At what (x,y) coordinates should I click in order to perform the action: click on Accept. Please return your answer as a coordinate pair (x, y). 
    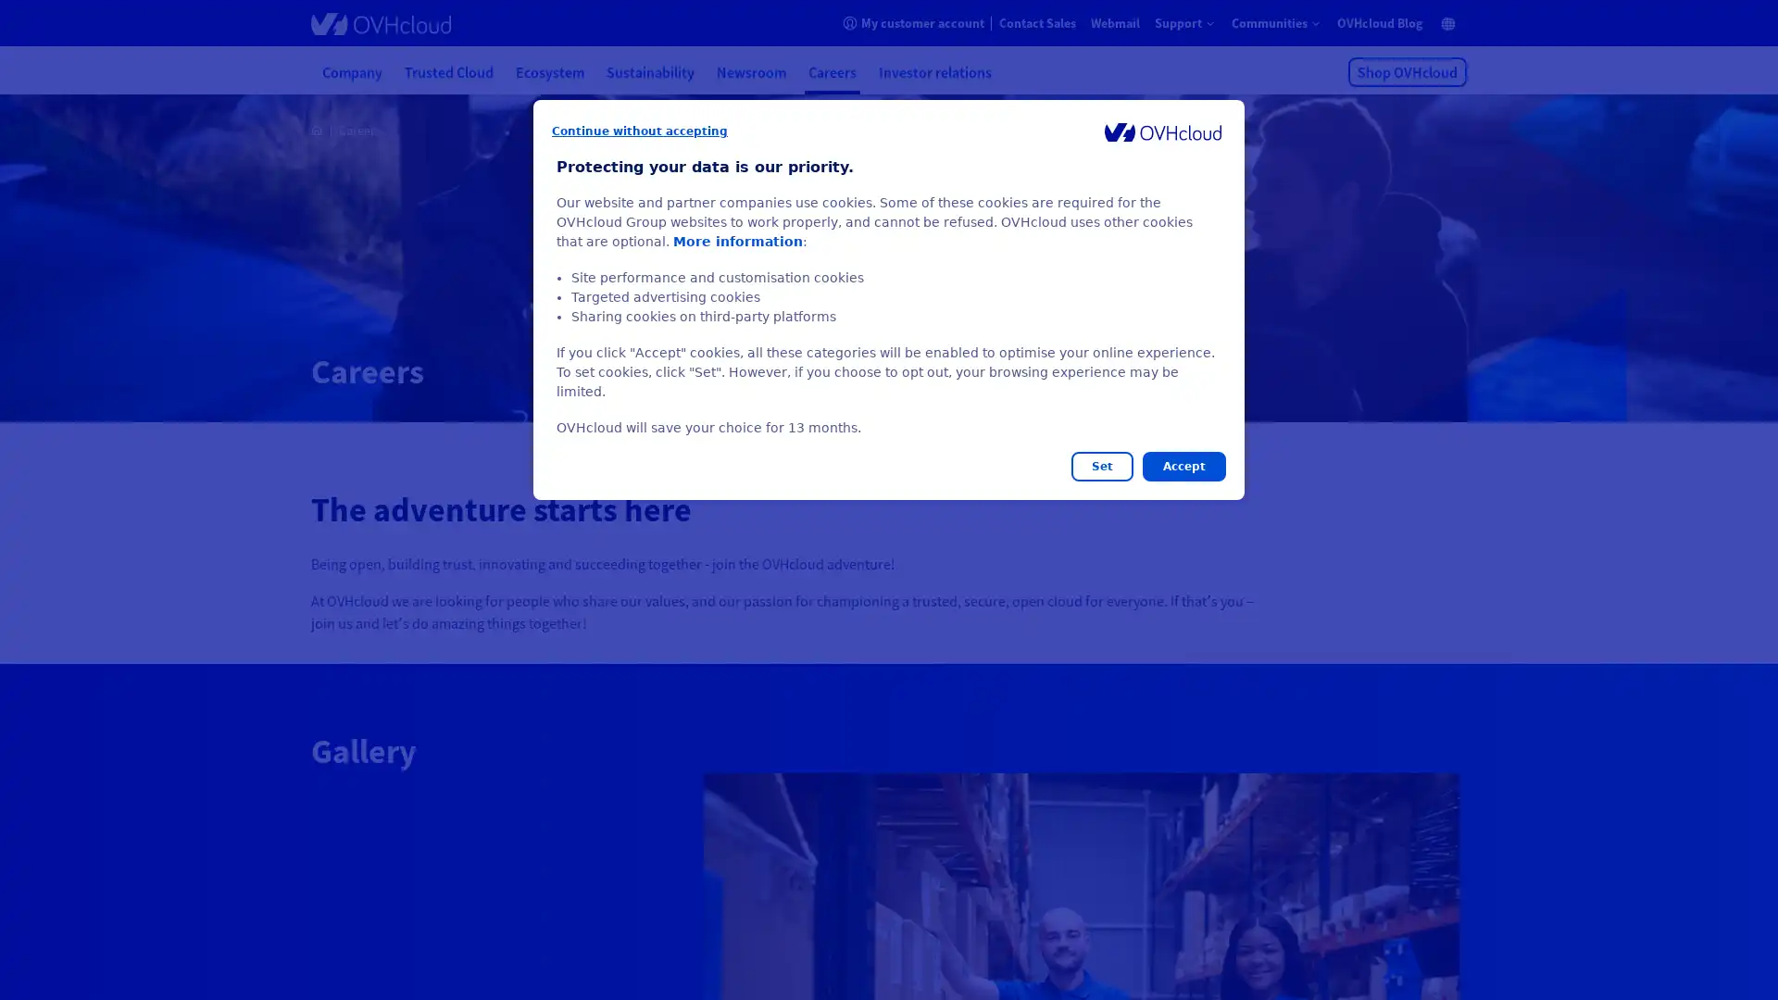
    Looking at the image, I should click on (1183, 466).